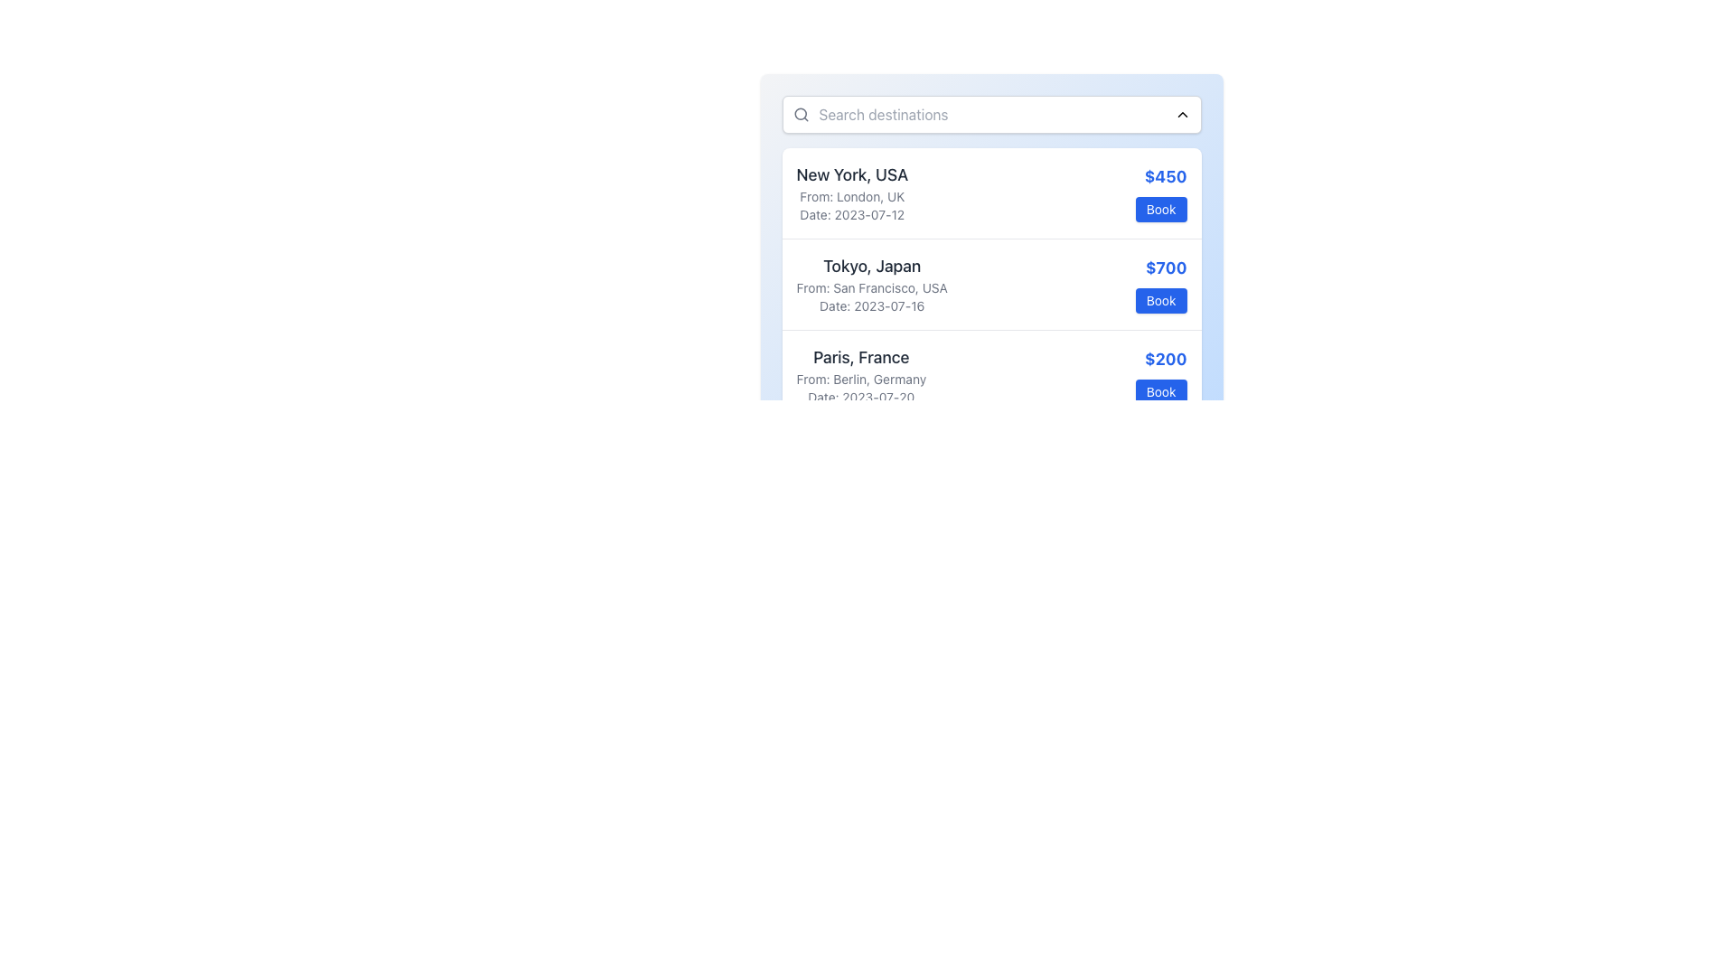  I want to click on the 'Book' button with a blue background and white text, located in the second row of the list next to the '$700' price for the 'Tokyo, Japan' listing to proceed with booking, so click(1161, 299).